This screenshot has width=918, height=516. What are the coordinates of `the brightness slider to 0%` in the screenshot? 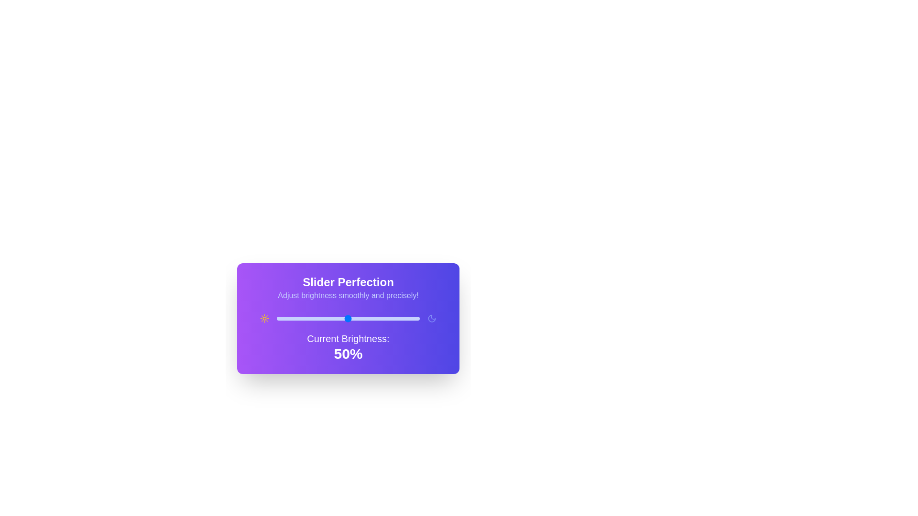 It's located at (276, 319).